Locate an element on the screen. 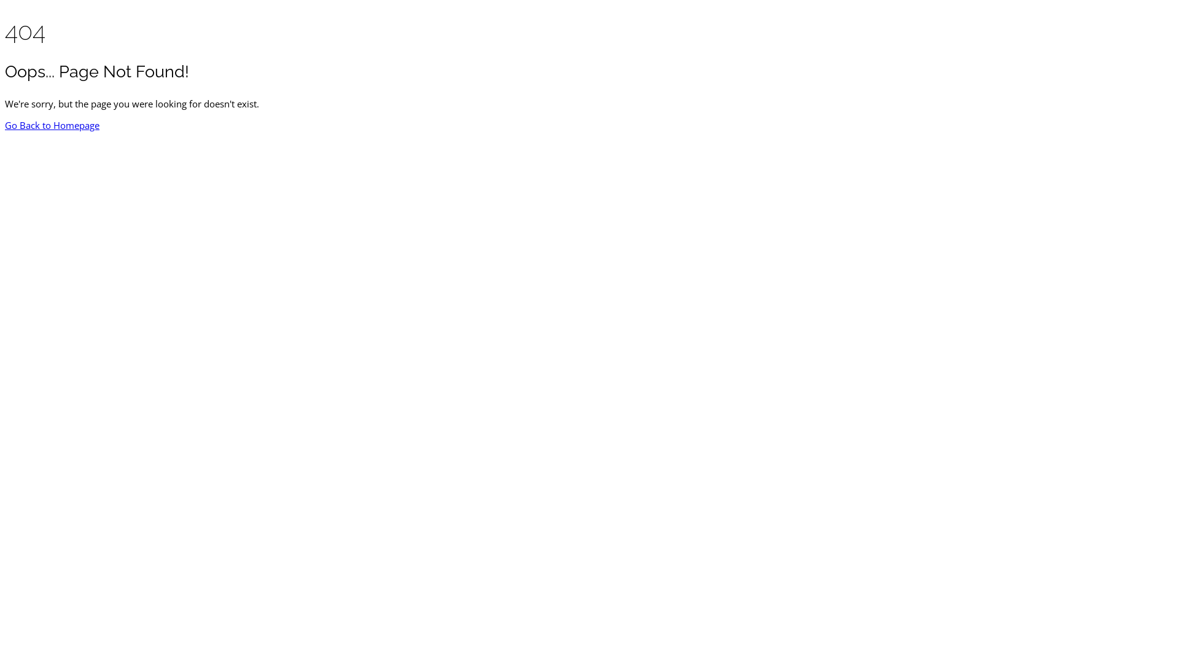 This screenshot has height=663, width=1179. 'Go Back to Homepage' is located at coordinates (5, 125).